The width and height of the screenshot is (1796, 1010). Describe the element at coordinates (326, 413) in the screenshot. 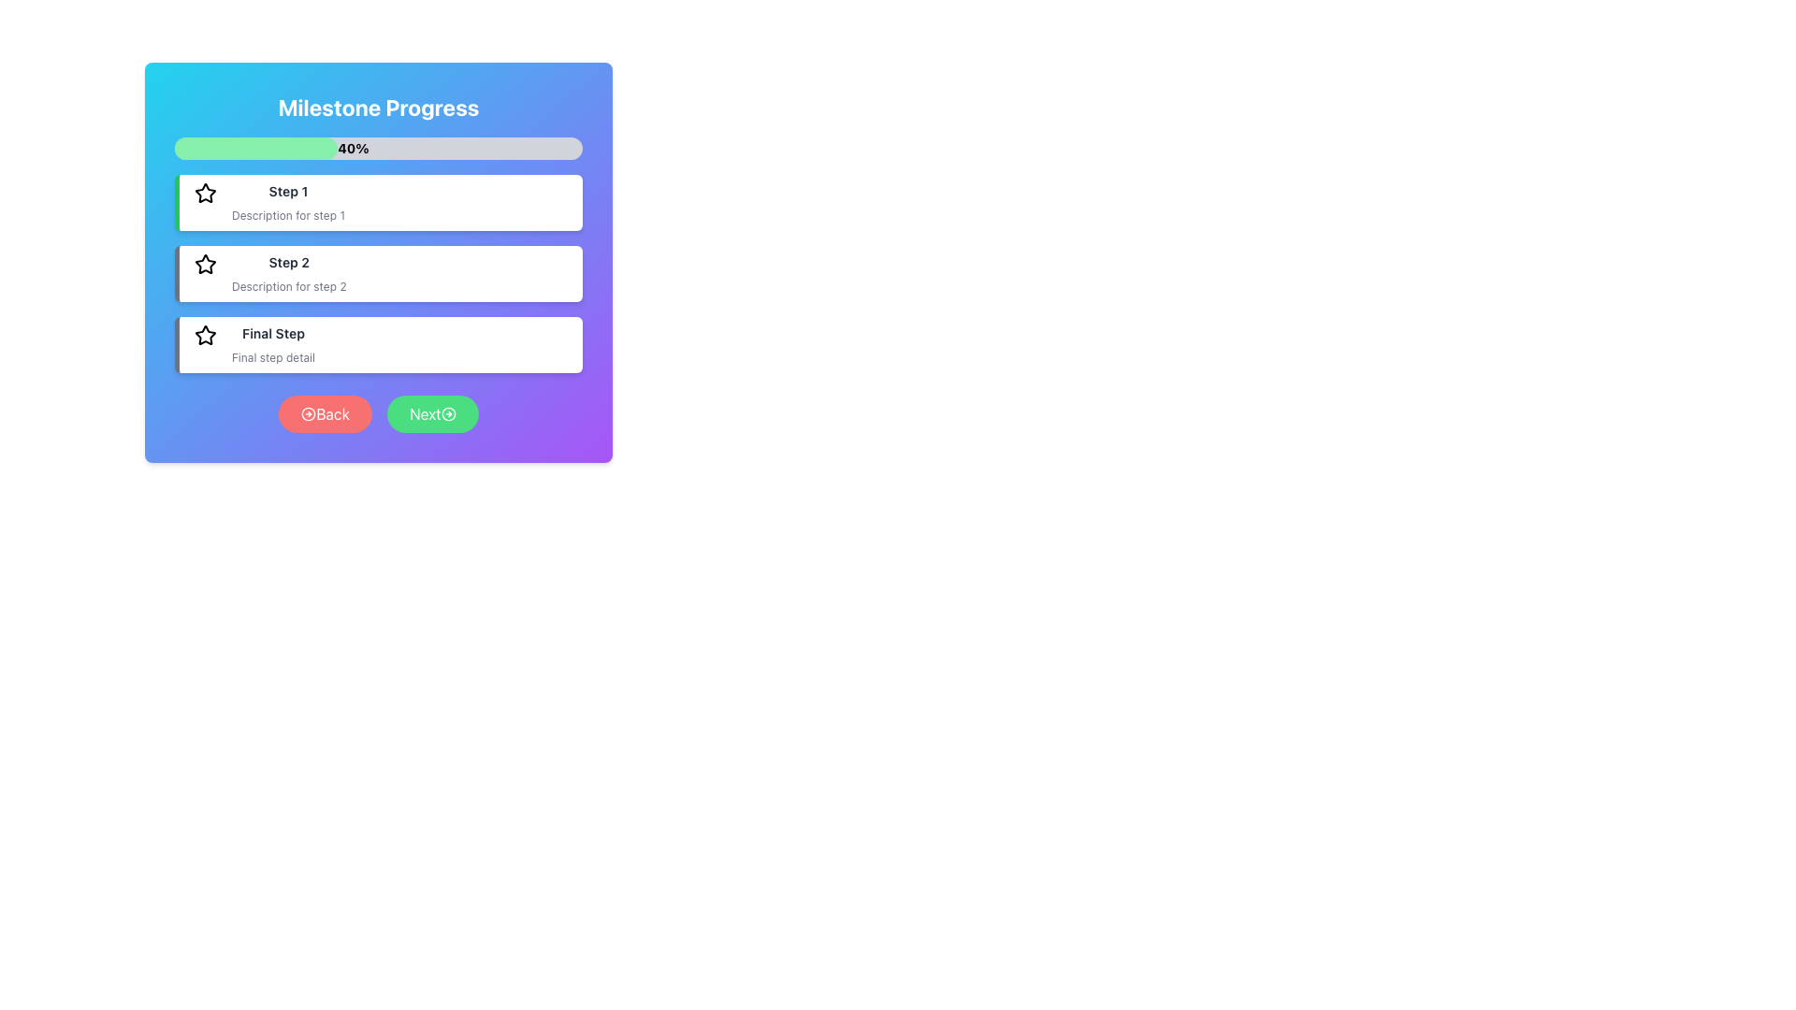

I see `the rounded rectangular button with a gradient red background and white text that reads 'Back'` at that location.